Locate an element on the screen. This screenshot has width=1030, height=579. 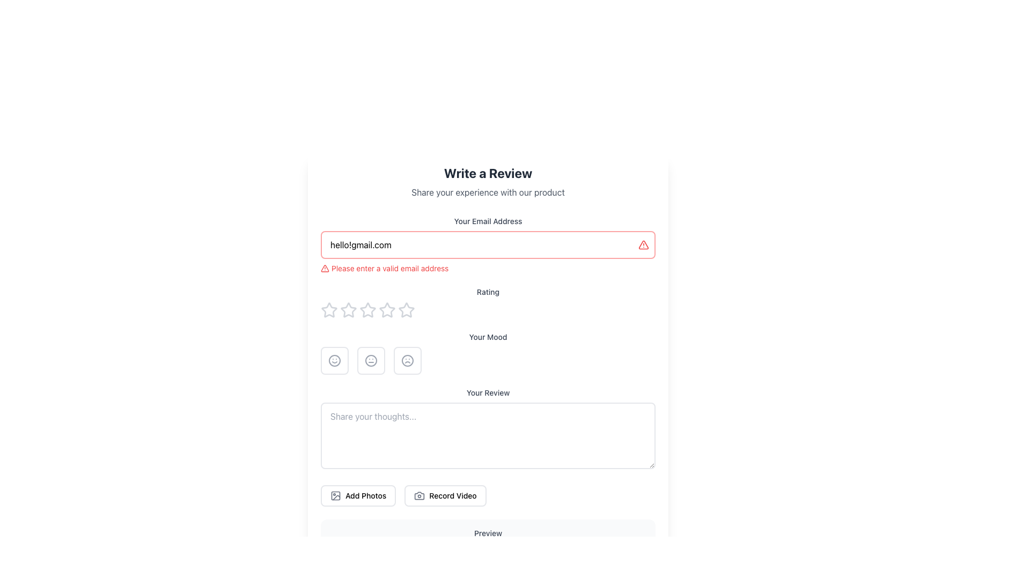
the Text Label that provides context for the mood selection section, positioned centrally between the 'Rating' section and the mood selection options is located at coordinates (488, 336).